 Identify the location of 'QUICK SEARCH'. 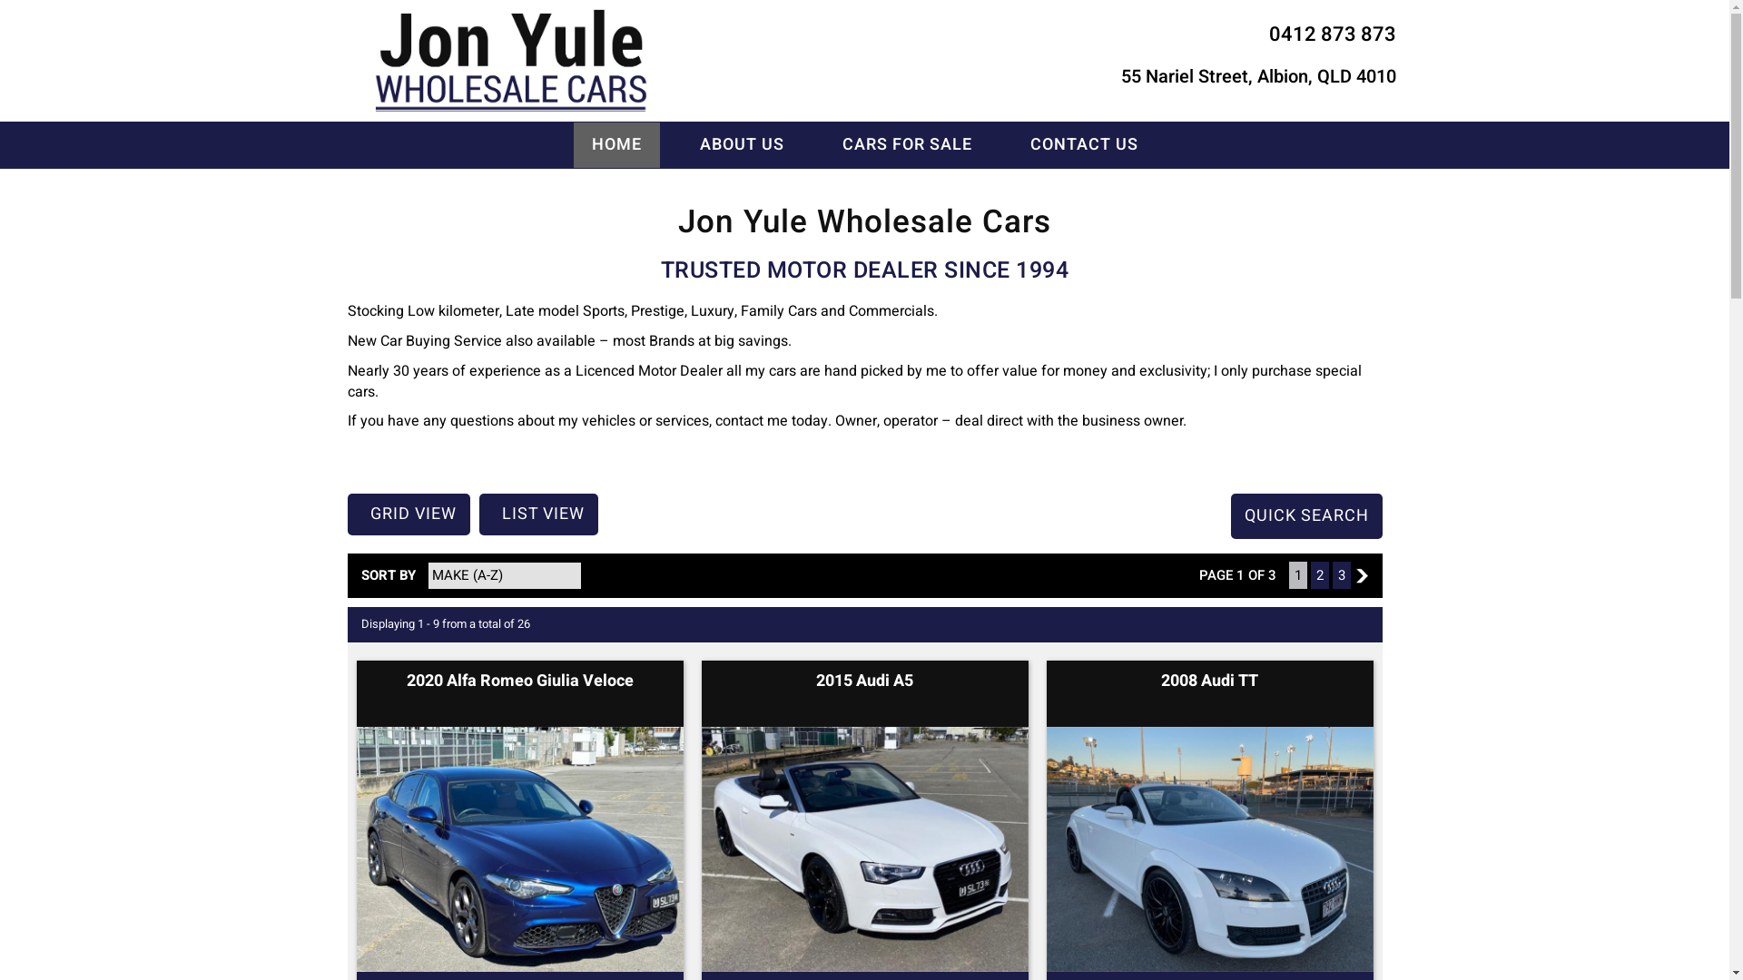
(1305, 516).